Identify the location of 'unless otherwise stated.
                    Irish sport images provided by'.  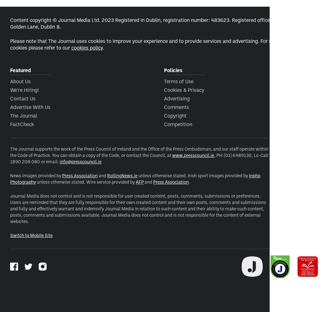
(193, 175).